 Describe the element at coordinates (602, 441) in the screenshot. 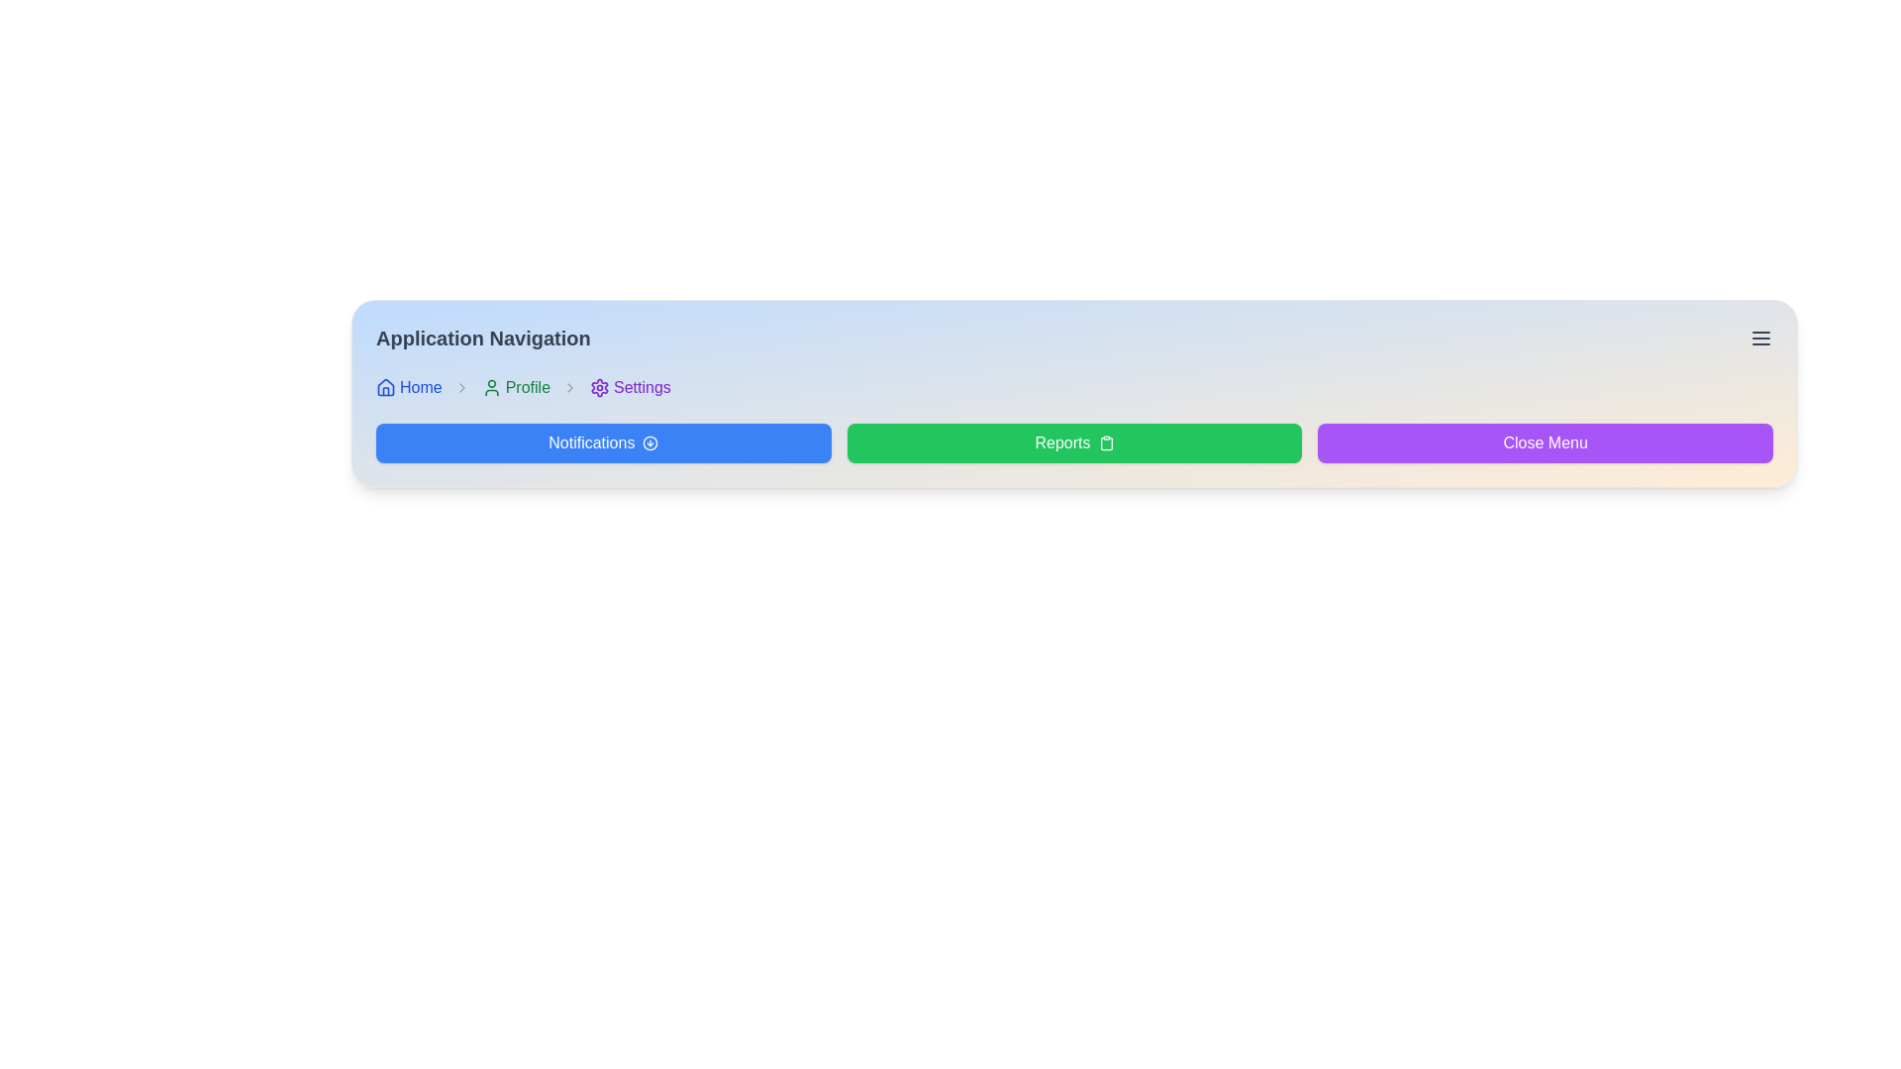

I see `the 'Notifications' button, which is a rectangular button with a blue background and white text` at that location.